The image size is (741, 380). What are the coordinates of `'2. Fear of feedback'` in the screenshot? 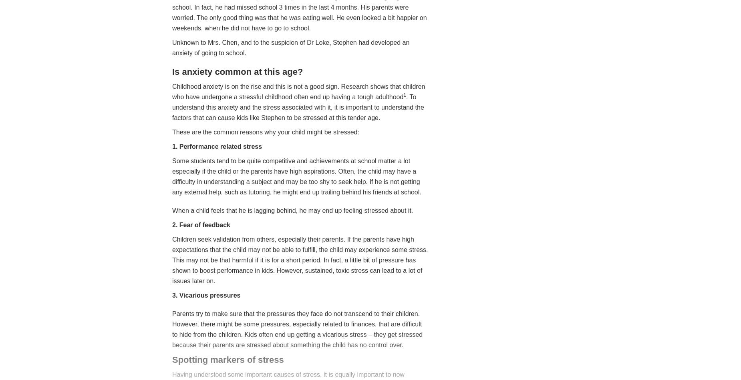 It's located at (201, 224).